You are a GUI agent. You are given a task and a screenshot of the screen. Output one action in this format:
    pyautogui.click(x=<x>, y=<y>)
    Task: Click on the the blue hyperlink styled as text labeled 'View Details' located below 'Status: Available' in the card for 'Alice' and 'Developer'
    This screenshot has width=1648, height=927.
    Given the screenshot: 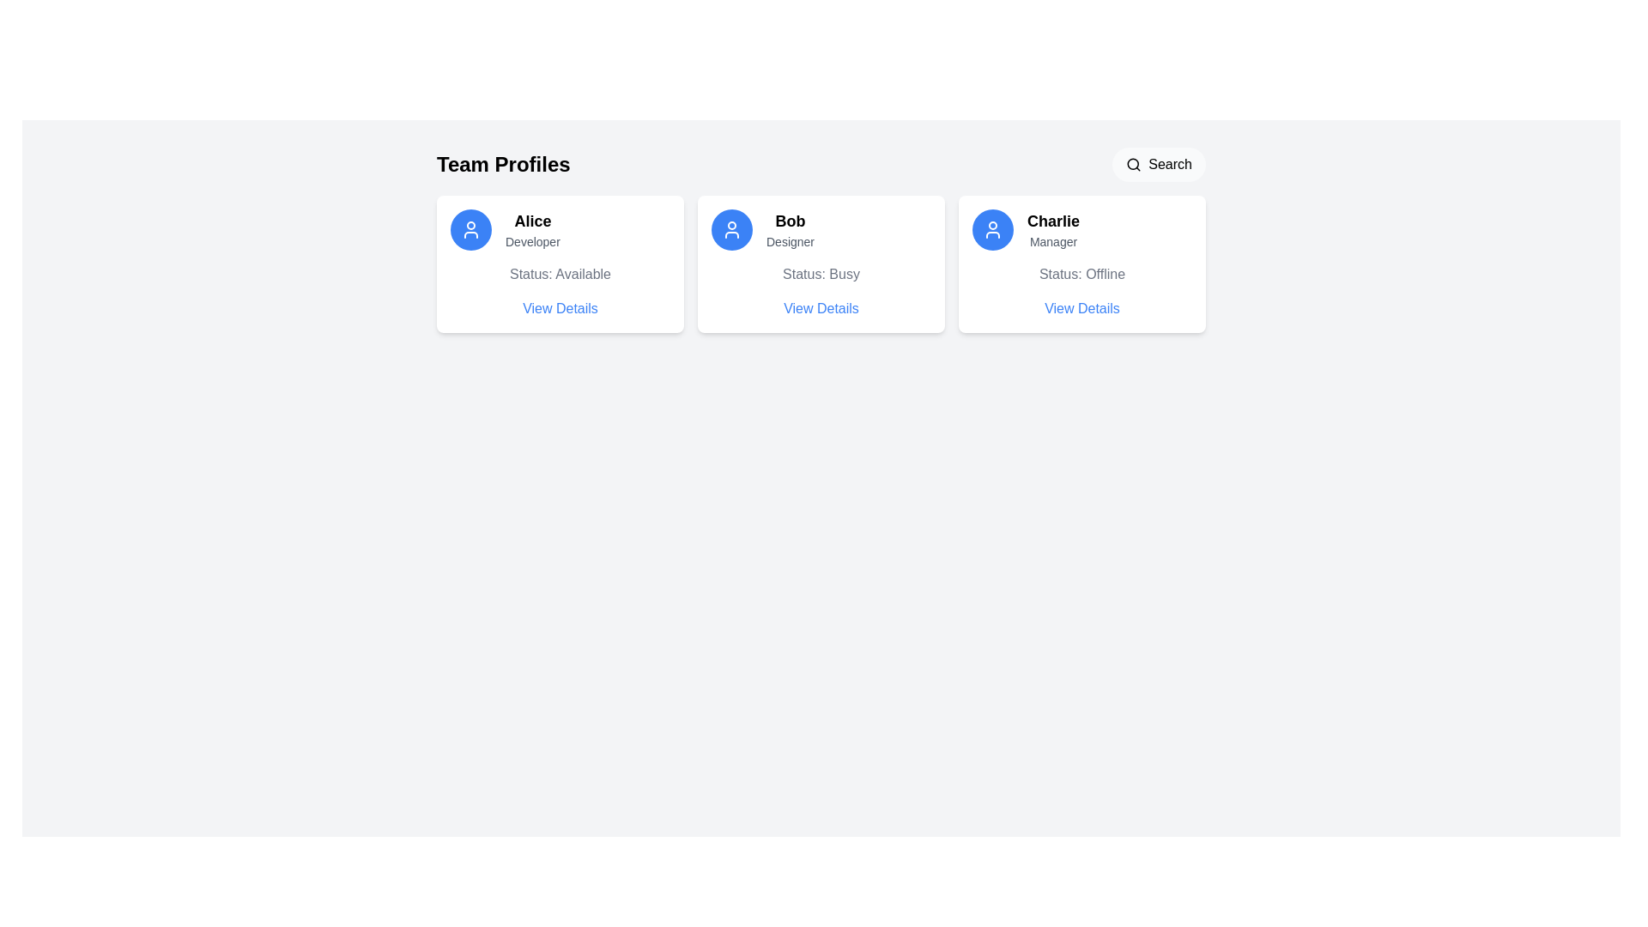 What is the action you would take?
    pyautogui.click(x=560, y=307)
    